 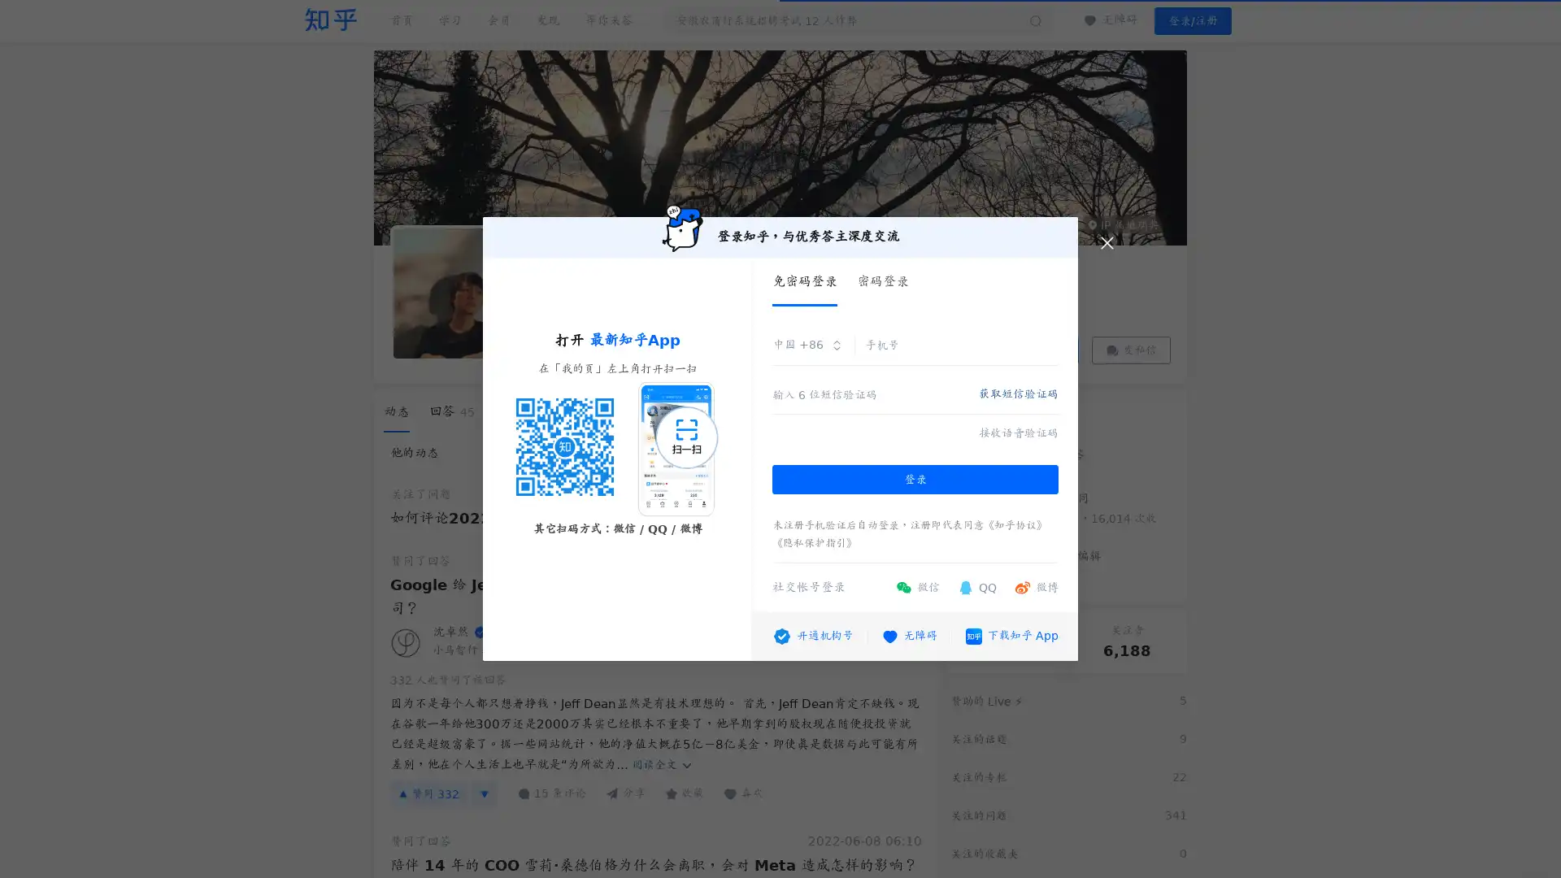 What do you see at coordinates (1193, 21) in the screenshot?
I see `/` at bounding box center [1193, 21].